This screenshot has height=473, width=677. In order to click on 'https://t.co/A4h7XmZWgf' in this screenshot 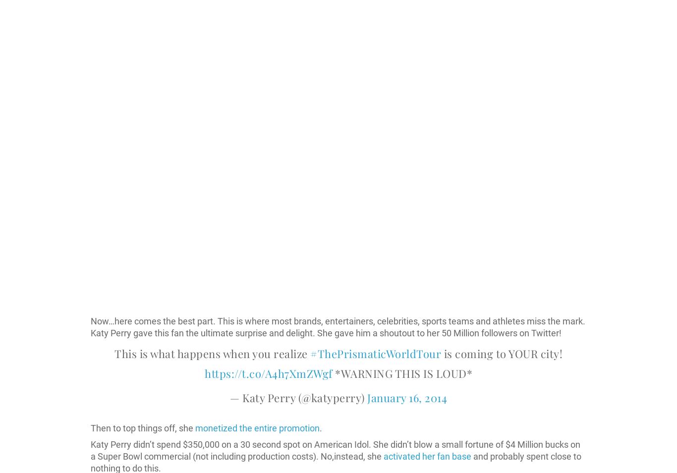, I will do `click(268, 372)`.